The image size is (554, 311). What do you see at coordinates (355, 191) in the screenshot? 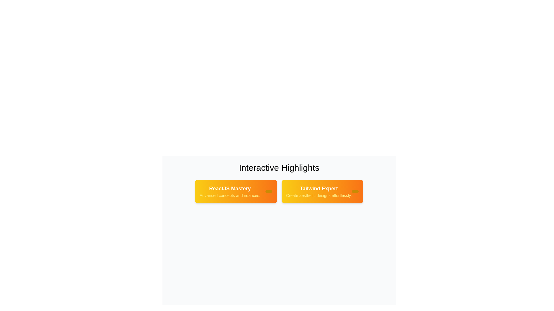
I see `the close button of the tag labeled 'Tailwind Expert'` at bounding box center [355, 191].